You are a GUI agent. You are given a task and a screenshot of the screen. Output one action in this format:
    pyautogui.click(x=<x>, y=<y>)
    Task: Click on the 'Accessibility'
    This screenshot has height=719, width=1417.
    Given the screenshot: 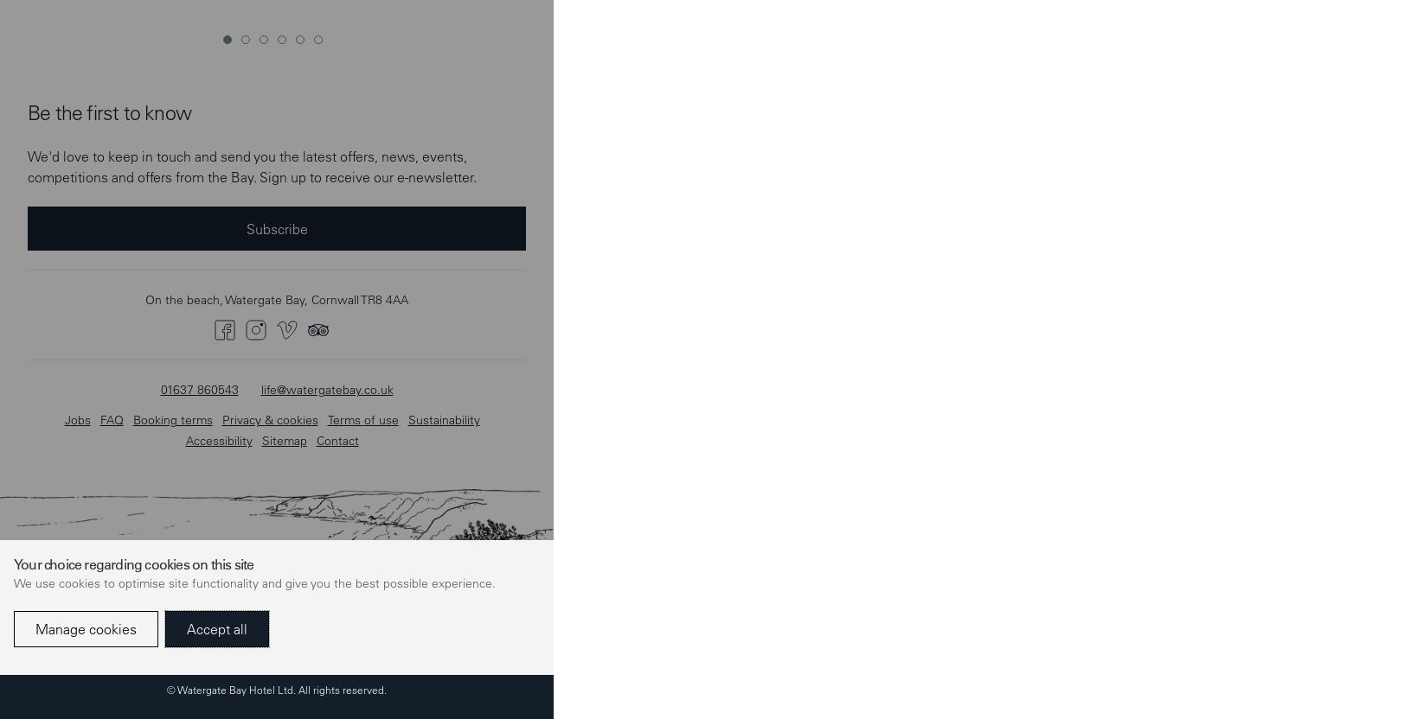 What is the action you would take?
    pyautogui.click(x=184, y=54)
    